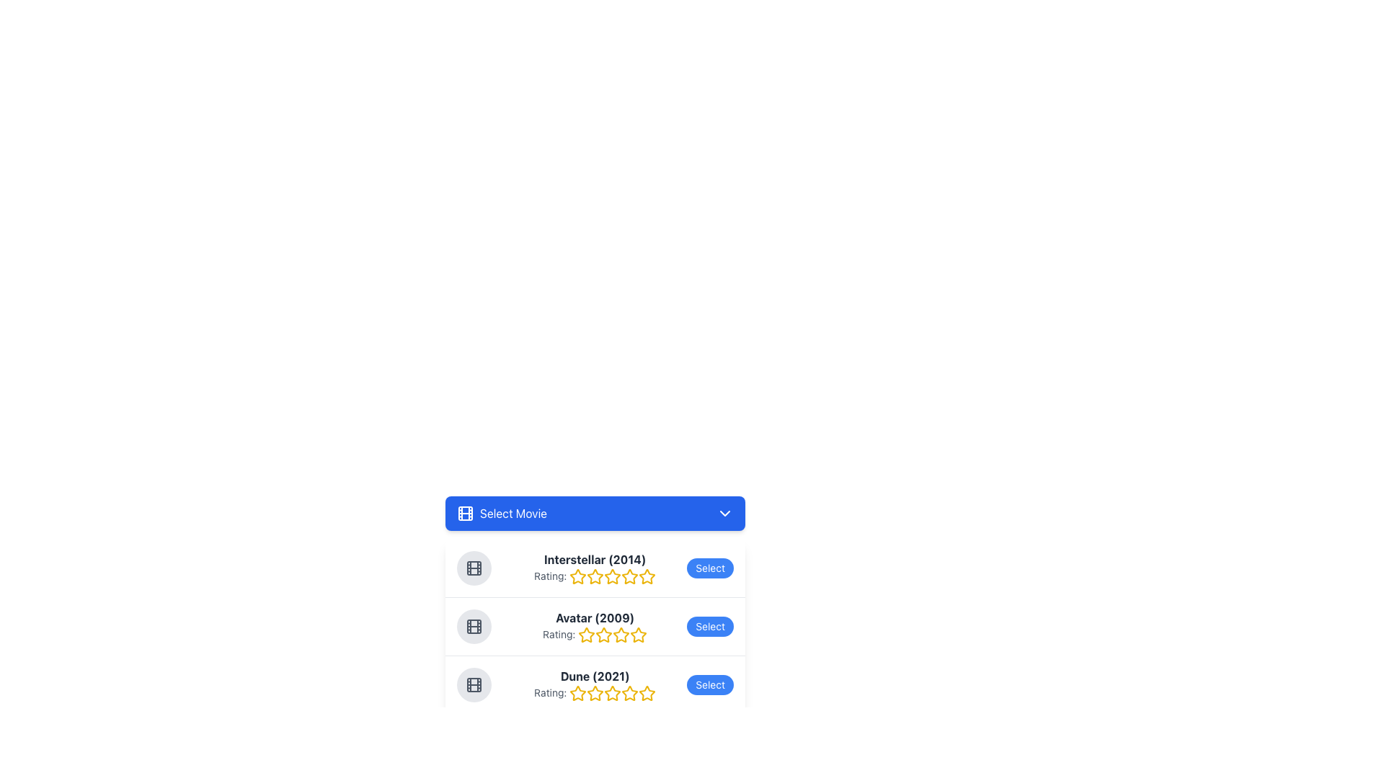 This screenshot has width=1384, height=778. Describe the element at coordinates (613, 693) in the screenshot. I see `the fifth star icon with a yellow border representing the rating for the movie 'Dune (2021)', located under the 'Rating:' text` at that location.